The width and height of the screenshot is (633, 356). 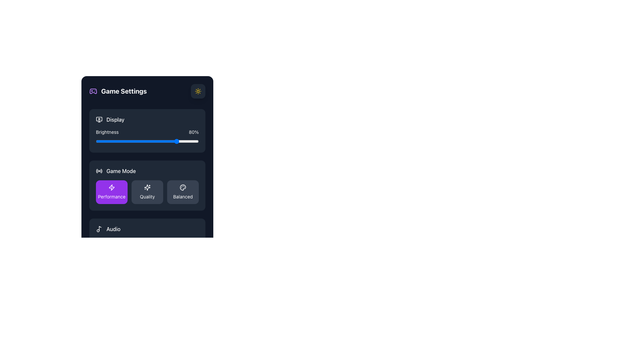 I want to click on brightness, so click(x=122, y=141).